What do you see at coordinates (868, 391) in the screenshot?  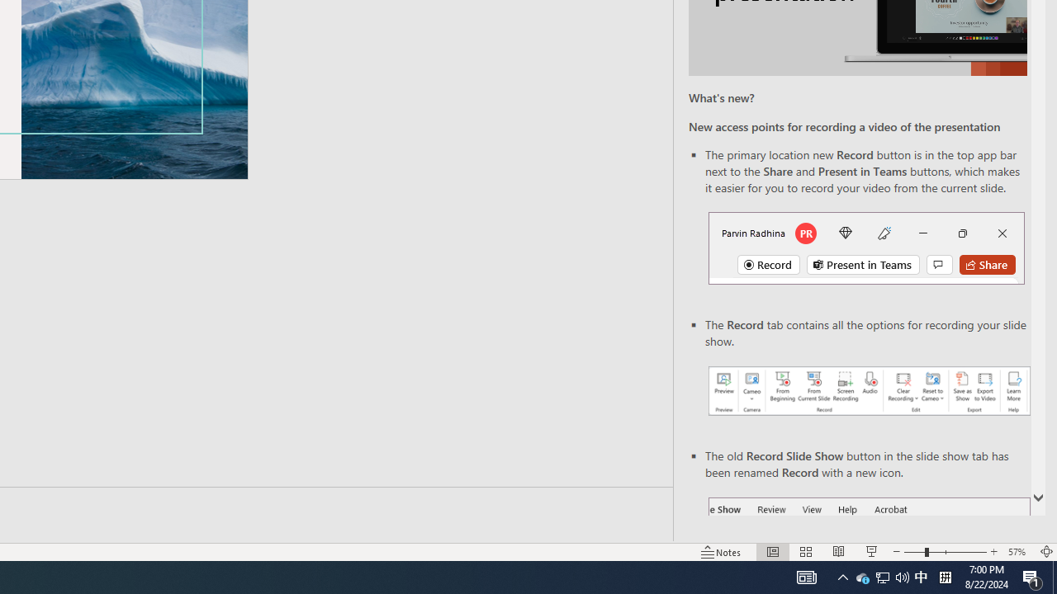 I see `'Record your presentations screenshot one'` at bounding box center [868, 391].